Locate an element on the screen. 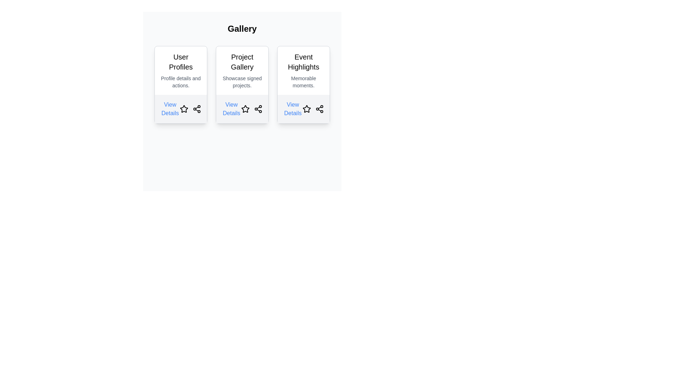 The height and width of the screenshot is (385, 685). the Share button, which is an SVG graphic resembling a sharing symbol located in the Project Gallery card, aligned to the right of the star icon is located at coordinates (258, 109).